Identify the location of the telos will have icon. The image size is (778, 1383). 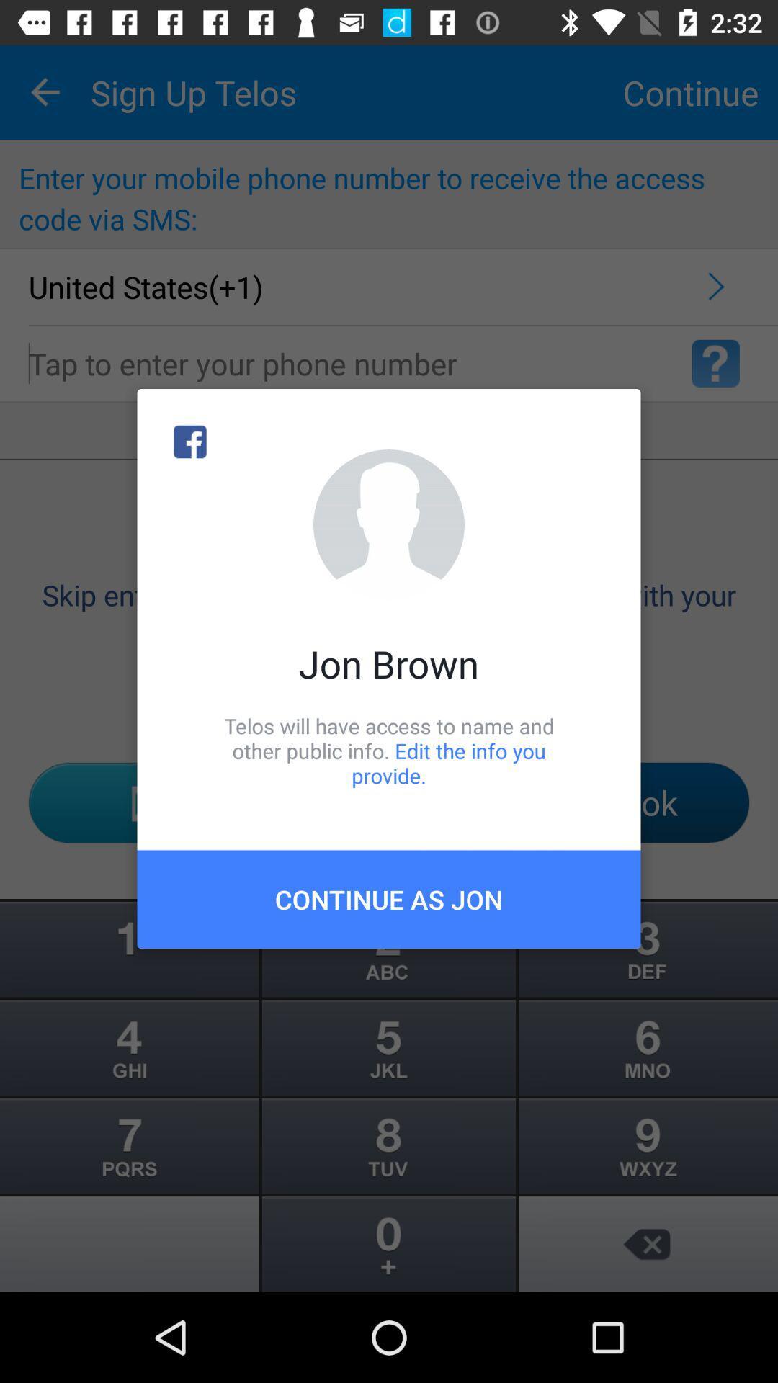
(389, 750).